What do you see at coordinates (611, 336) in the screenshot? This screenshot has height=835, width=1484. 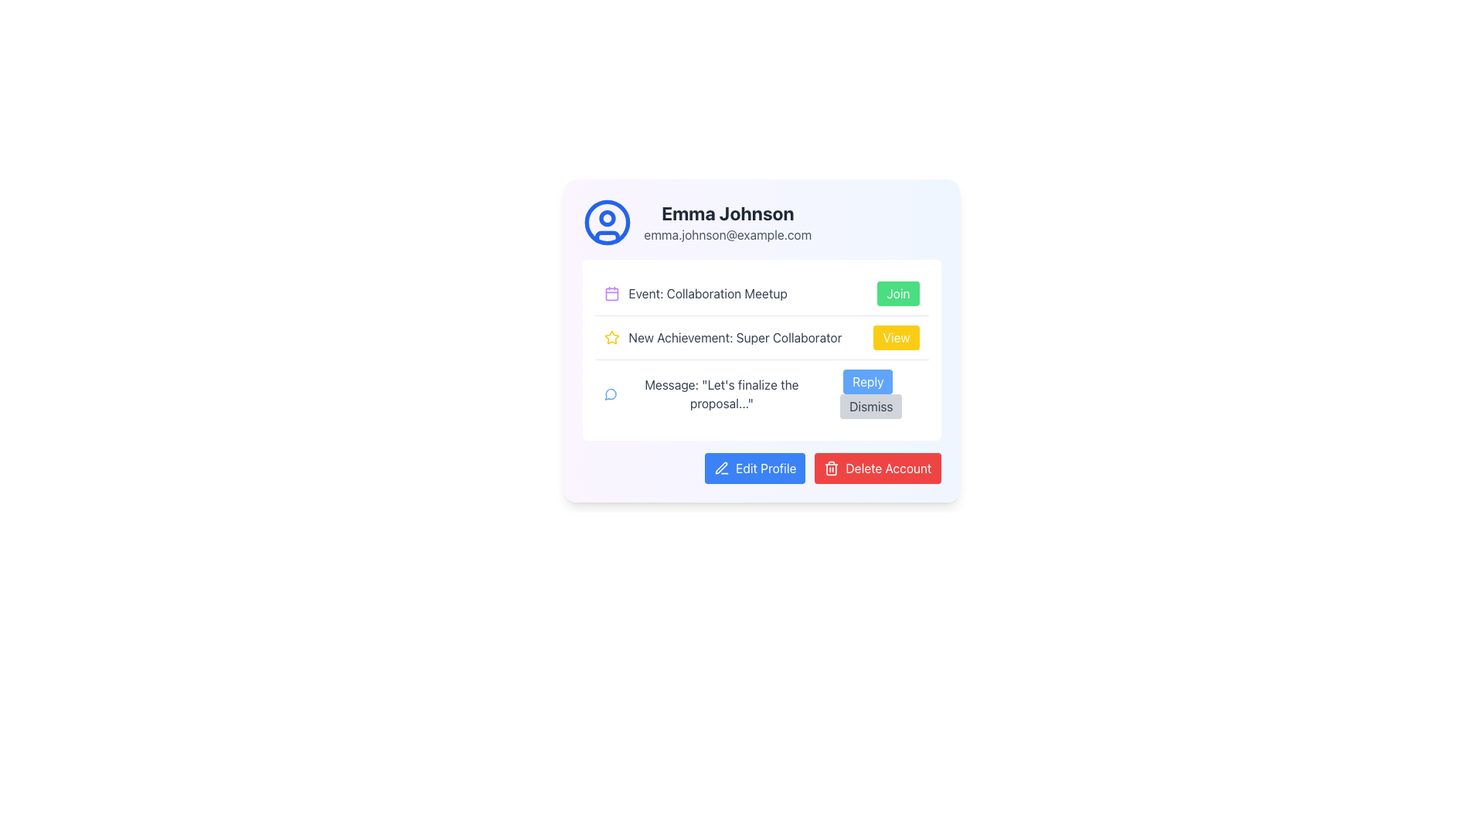 I see `the star-shaped icon with a light yellow color located to the left of the text 'New Achievement: Super Collaborator'` at bounding box center [611, 336].